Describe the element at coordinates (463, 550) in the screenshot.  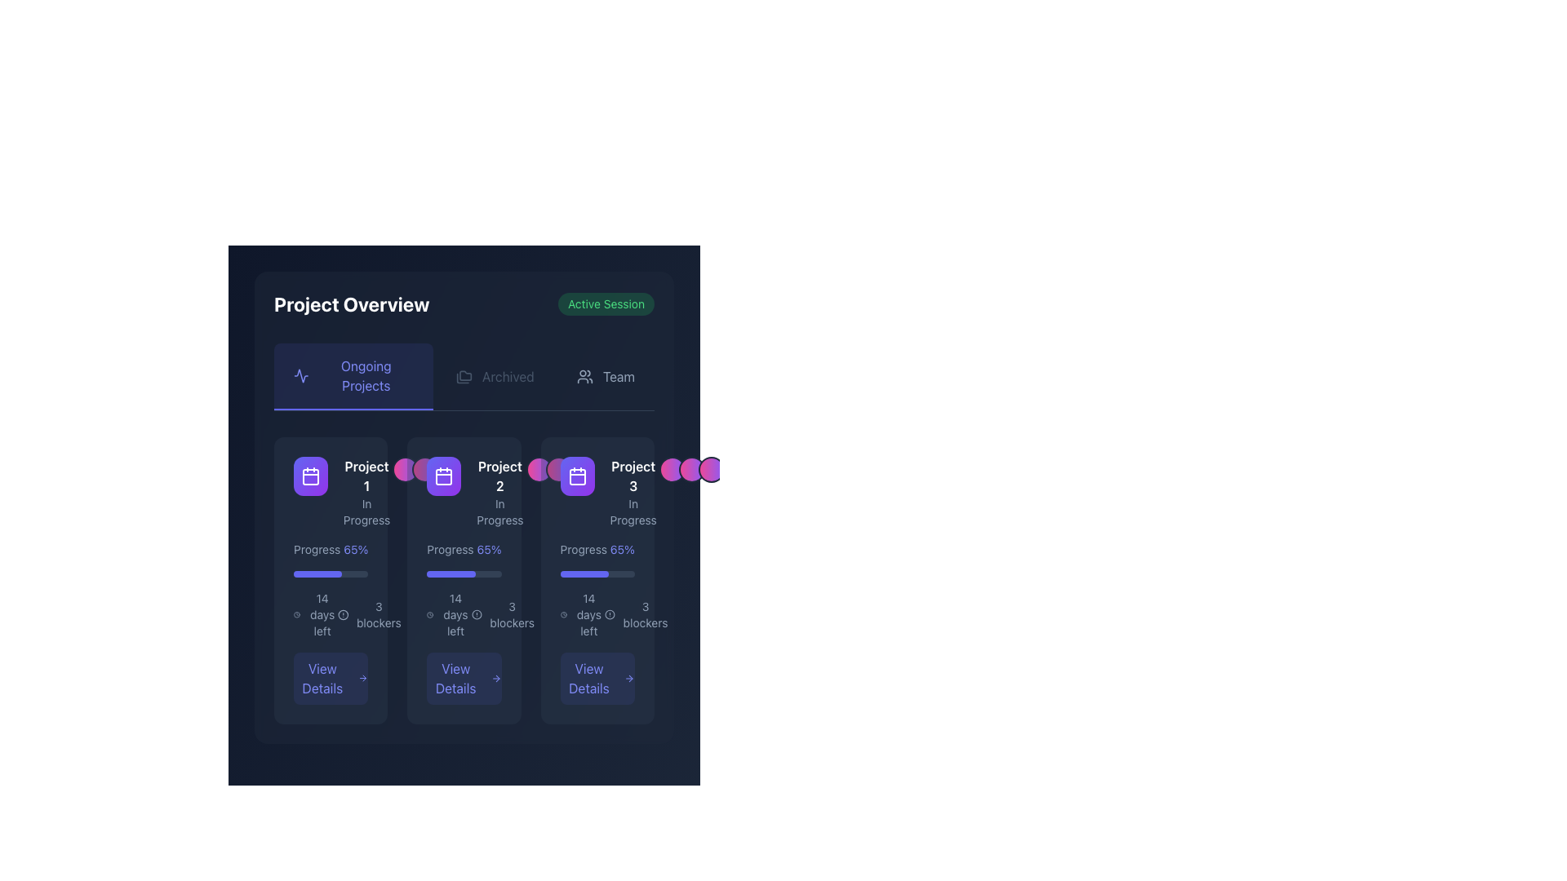
I see `the text display element showing the progress status ('Progress' and '65%') located in the 'Project 2' card within the 'Project Overview' section` at that location.